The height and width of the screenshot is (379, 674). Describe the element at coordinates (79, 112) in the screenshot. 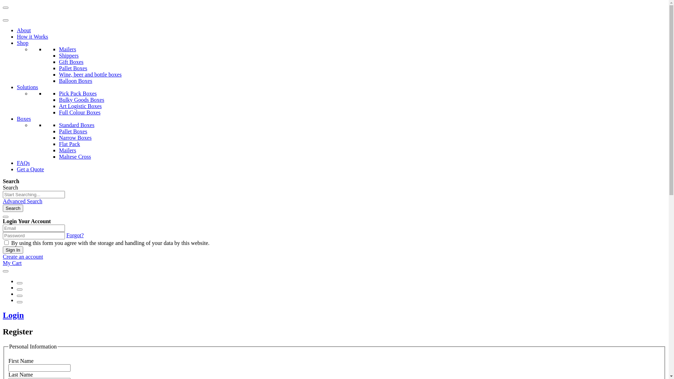

I see `'Full Colour Boxes'` at that location.